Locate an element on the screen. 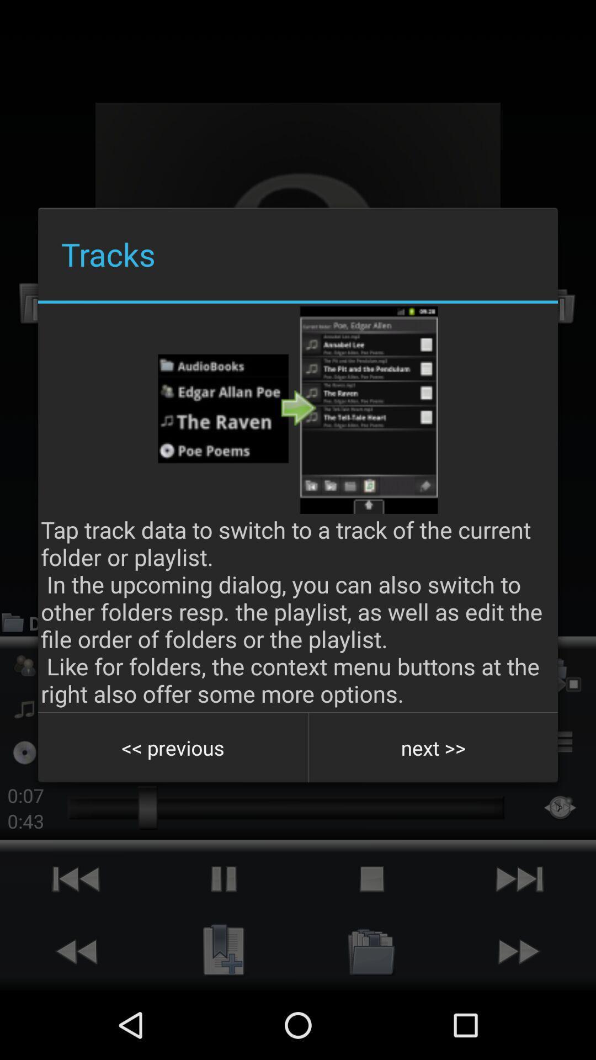 The width and height of the screenshot is (596, 1060). the icon below the tap track data is located at coordinates (173, 748).